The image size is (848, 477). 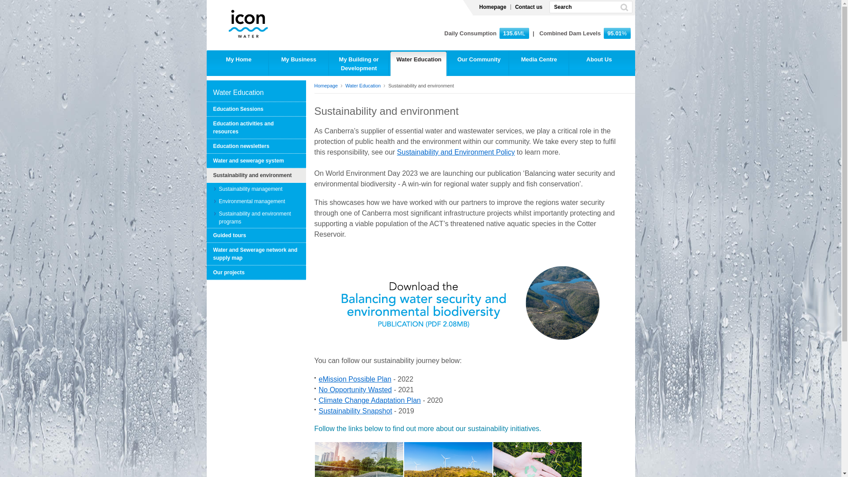 What do you see at coordinates (206, 175) in the screenshot?
I see `'Sustainability and environment'` at bounding box center [206, 175].